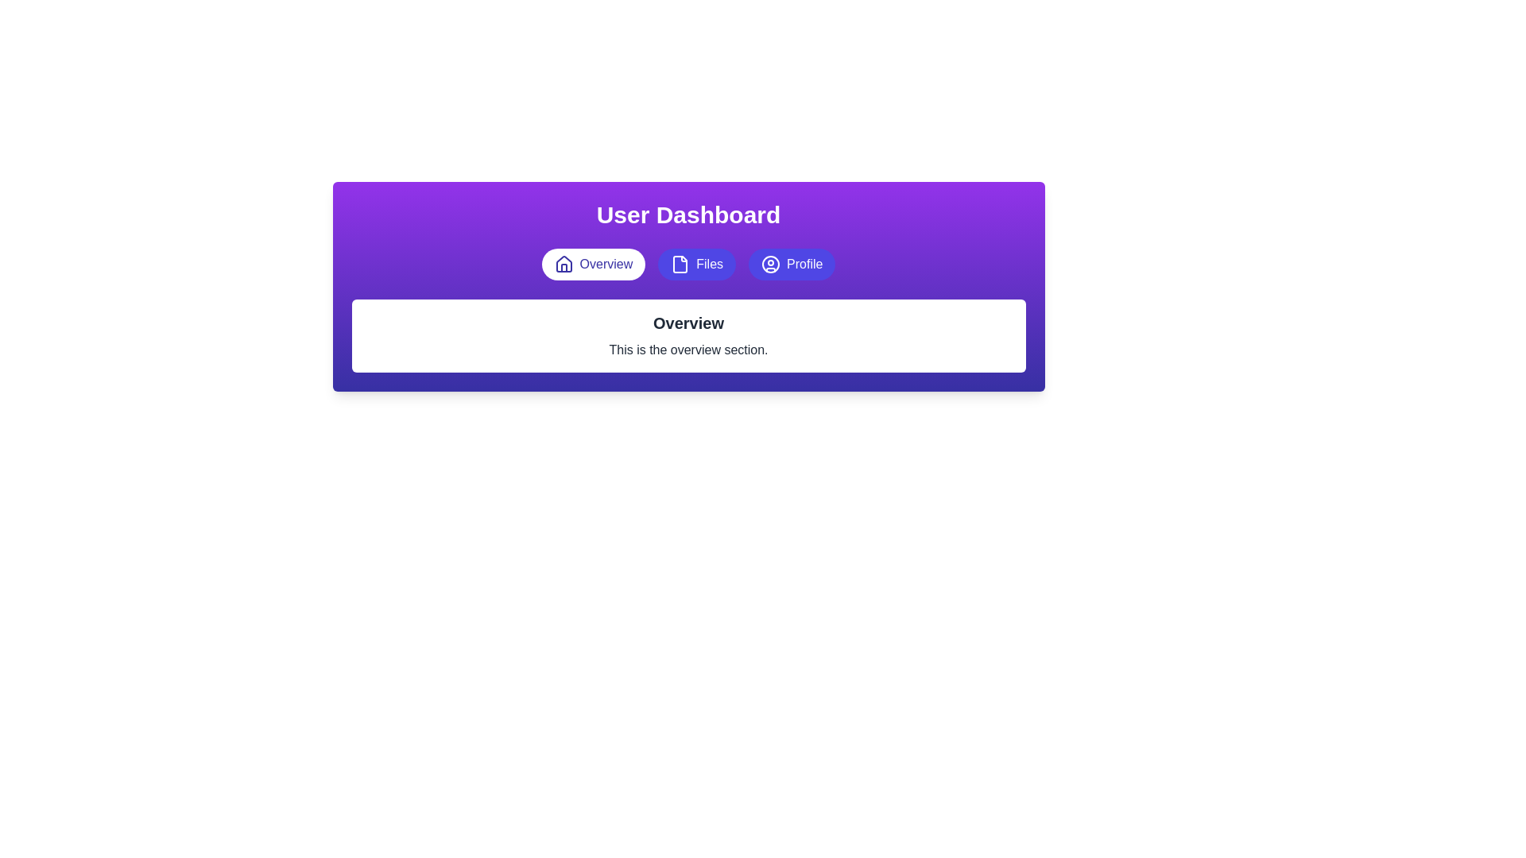  Describe the element at coordinates (770, 263) in the screenshot. I see `the blue circular graphic representing the user profile in the Profile section of the header bar` at that location.